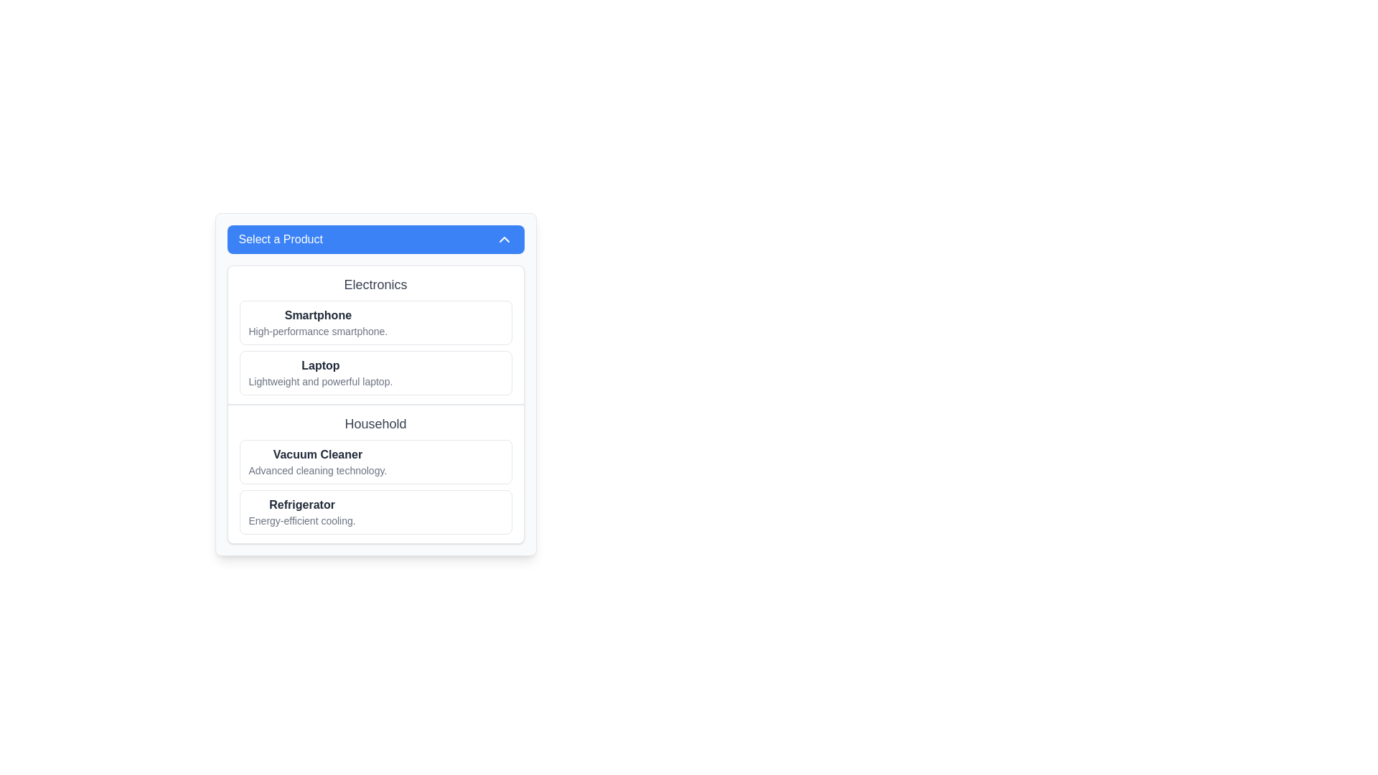 This screenshot has width=1378, height=775. I want to click on the 'Refrigerator' option, so click(375, 511).